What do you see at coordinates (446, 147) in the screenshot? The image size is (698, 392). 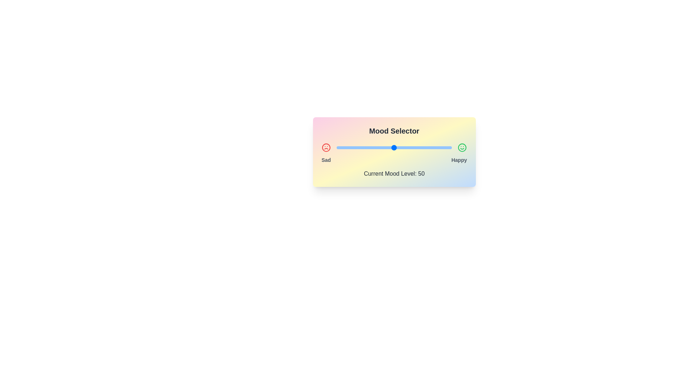 I see `the mood level to 95 by interacting with the slider` at bounding box center [446, 147].